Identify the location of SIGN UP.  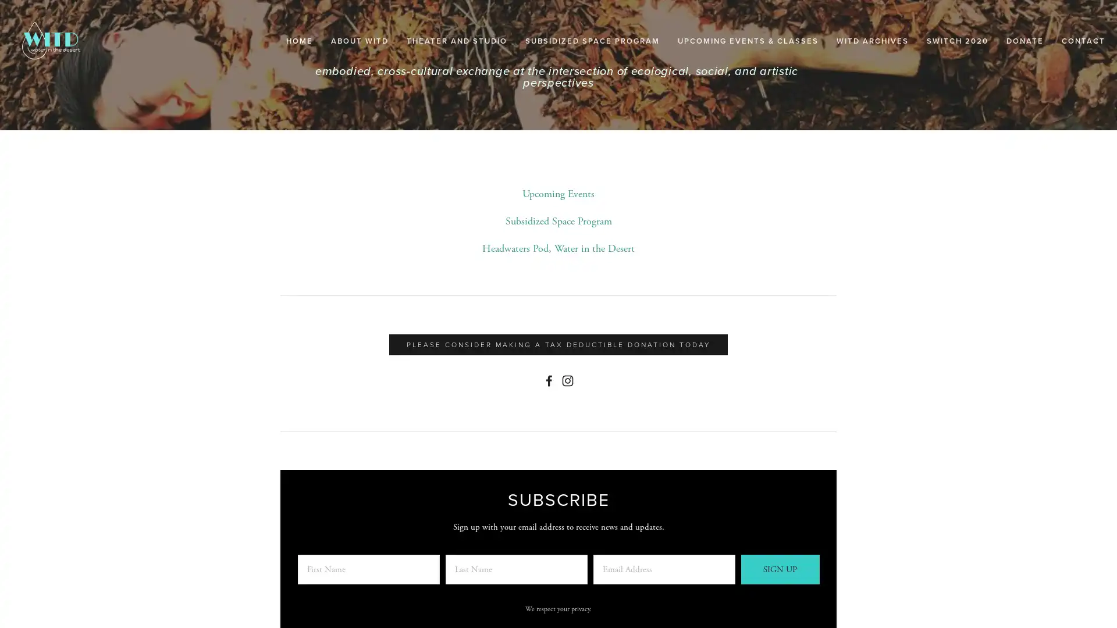
(780, 569).